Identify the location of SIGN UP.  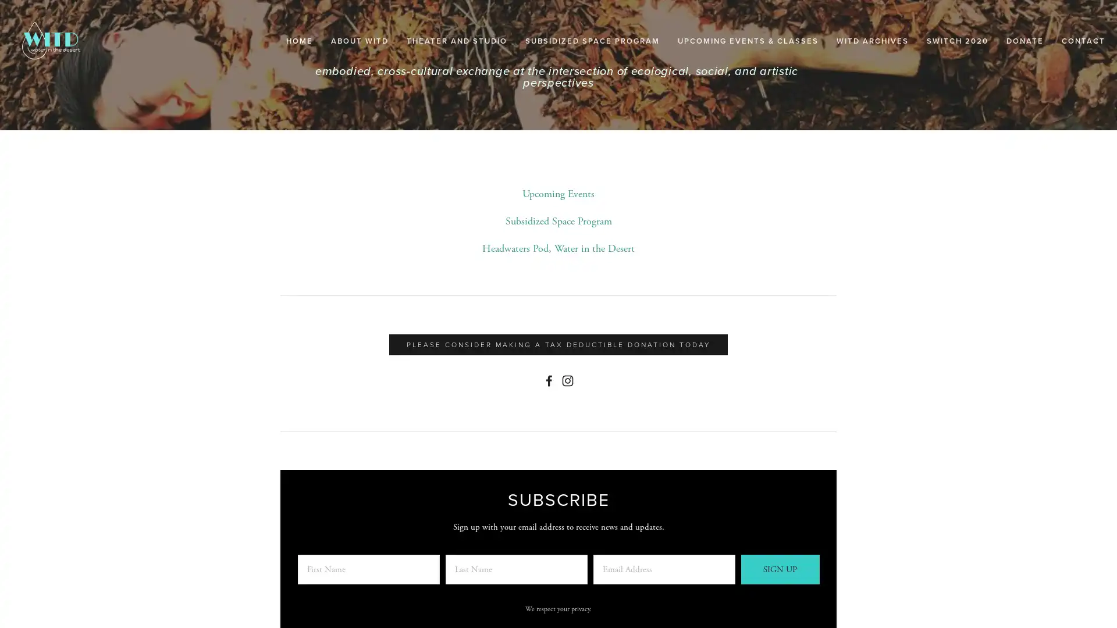
(780, 569).